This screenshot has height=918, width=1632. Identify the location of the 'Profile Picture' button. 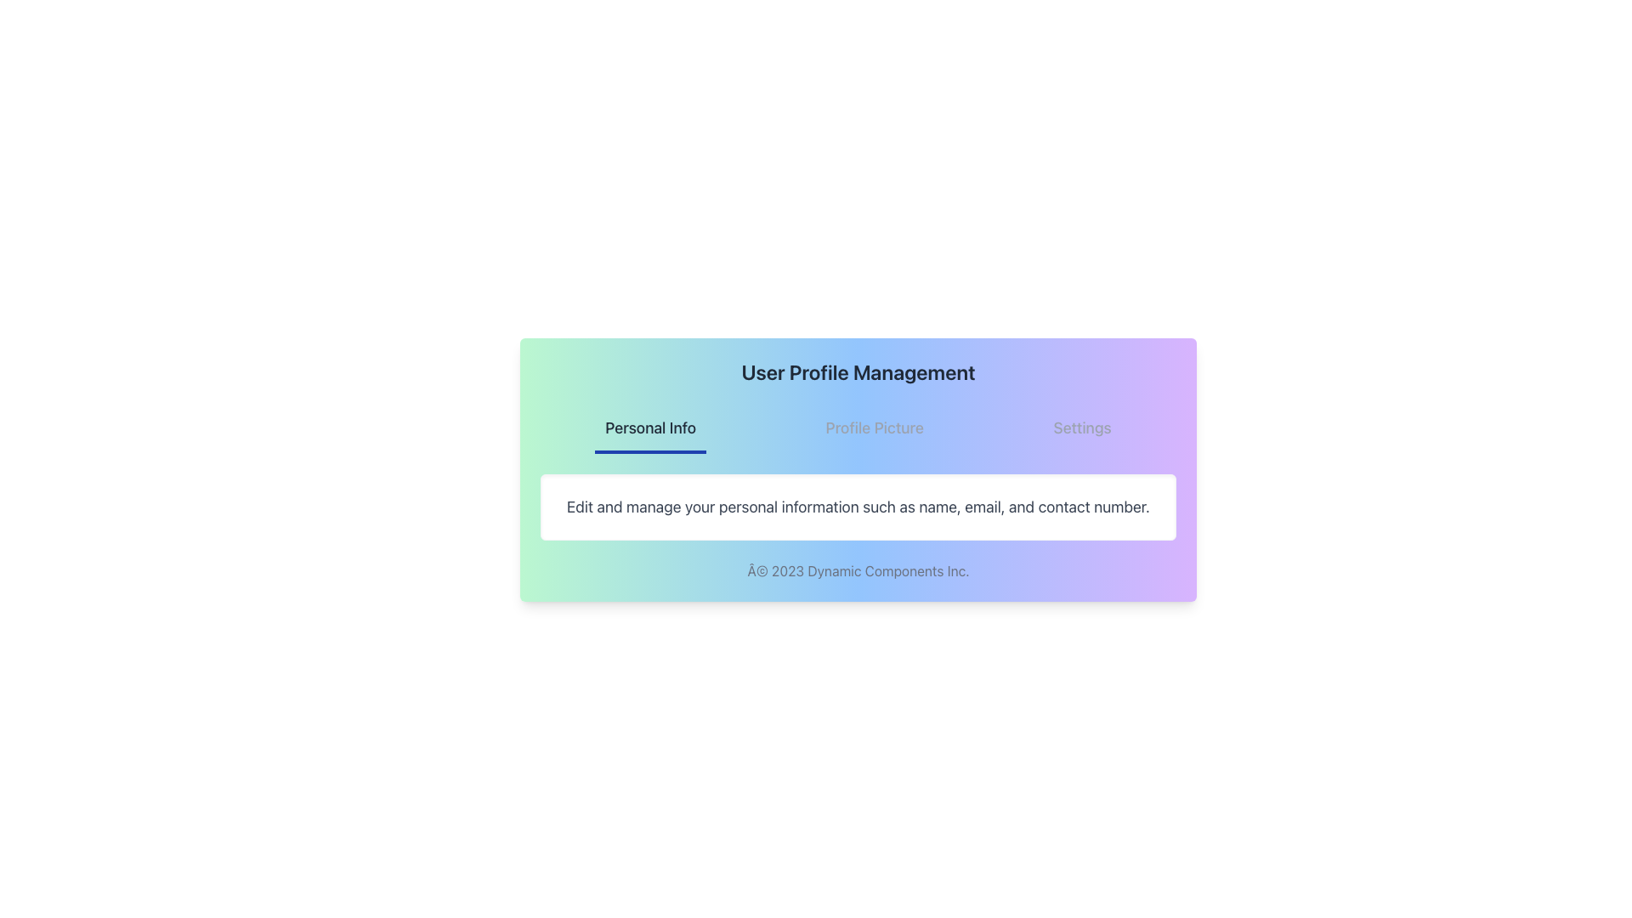
(874, 428).